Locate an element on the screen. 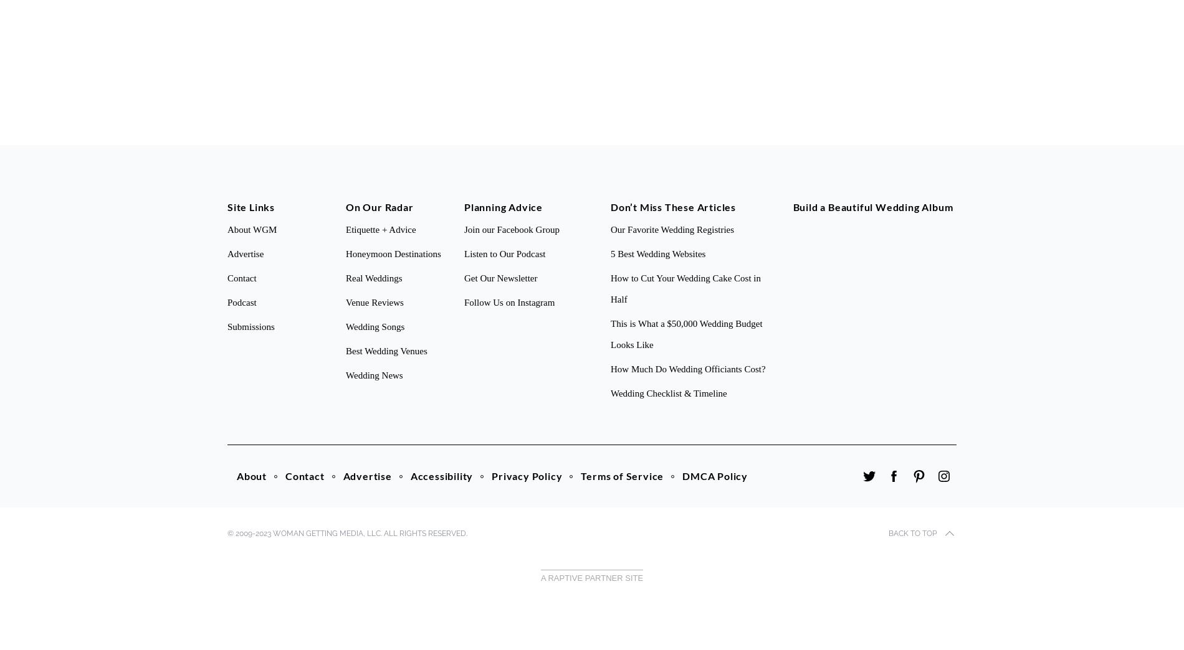 The height and width of the screenshot is (650, 1184). 'Submissions' is located at coordinates (250, 326).